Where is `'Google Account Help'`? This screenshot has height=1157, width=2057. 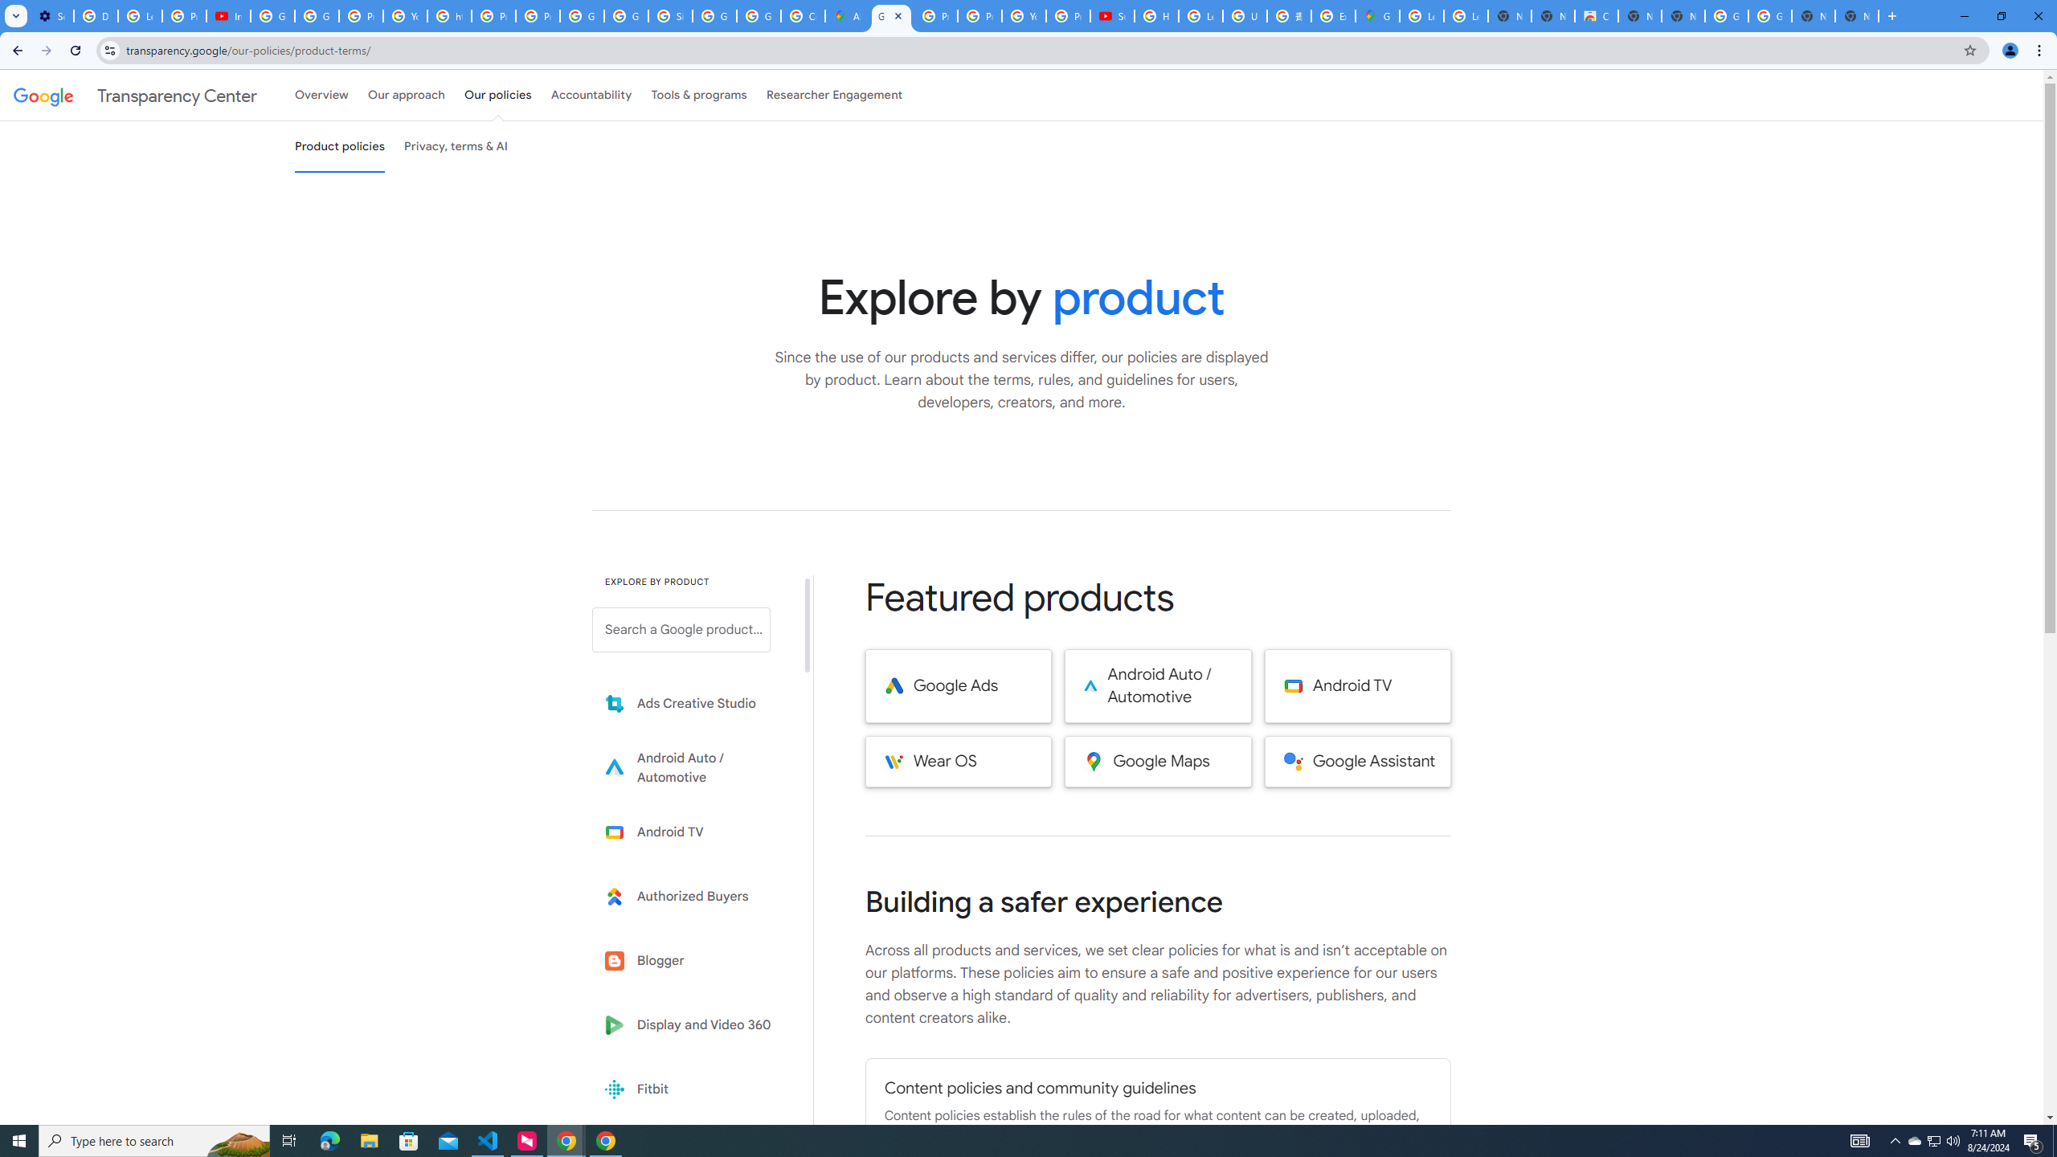 'Google Account Help' is located at coordinates (272, 15).